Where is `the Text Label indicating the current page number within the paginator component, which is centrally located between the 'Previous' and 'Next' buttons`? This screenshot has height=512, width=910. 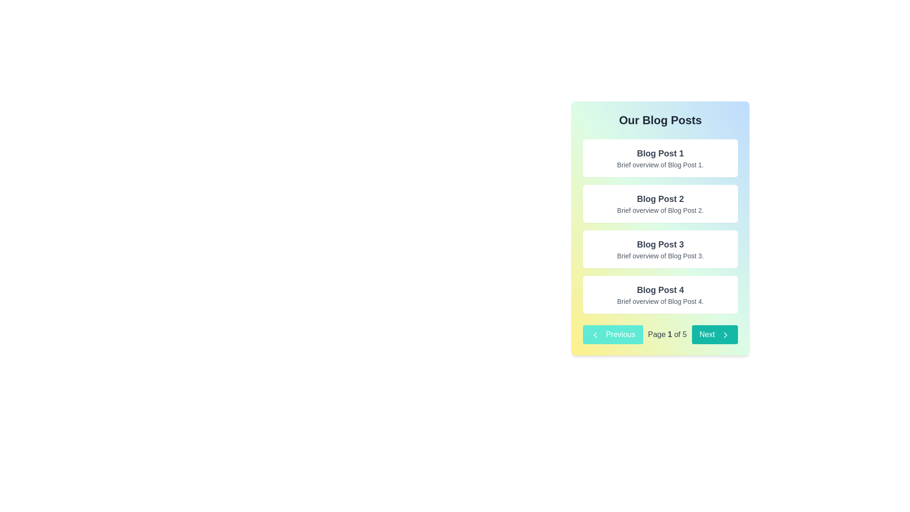
the Text Label indicating the current page number within the paginator component, which is centrally located between the 'Previous' and 'Next' buttons is located at coordinates (667, 334).